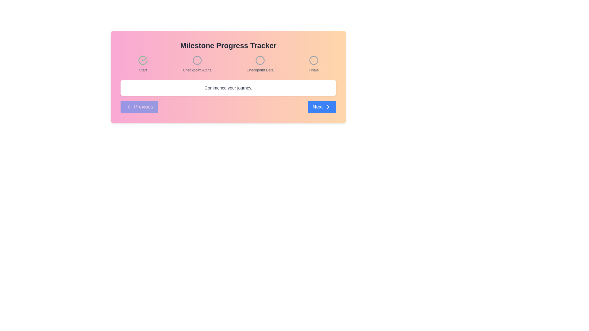 This screenshot has width=589, height=331. What do you see at coordinates (197, 70) in the screenshot?
I see `the static text label 'Checkpoint Alpha' that indicates the second milestone checkpoint in the progress tracker` at bounding box center [197, 70].